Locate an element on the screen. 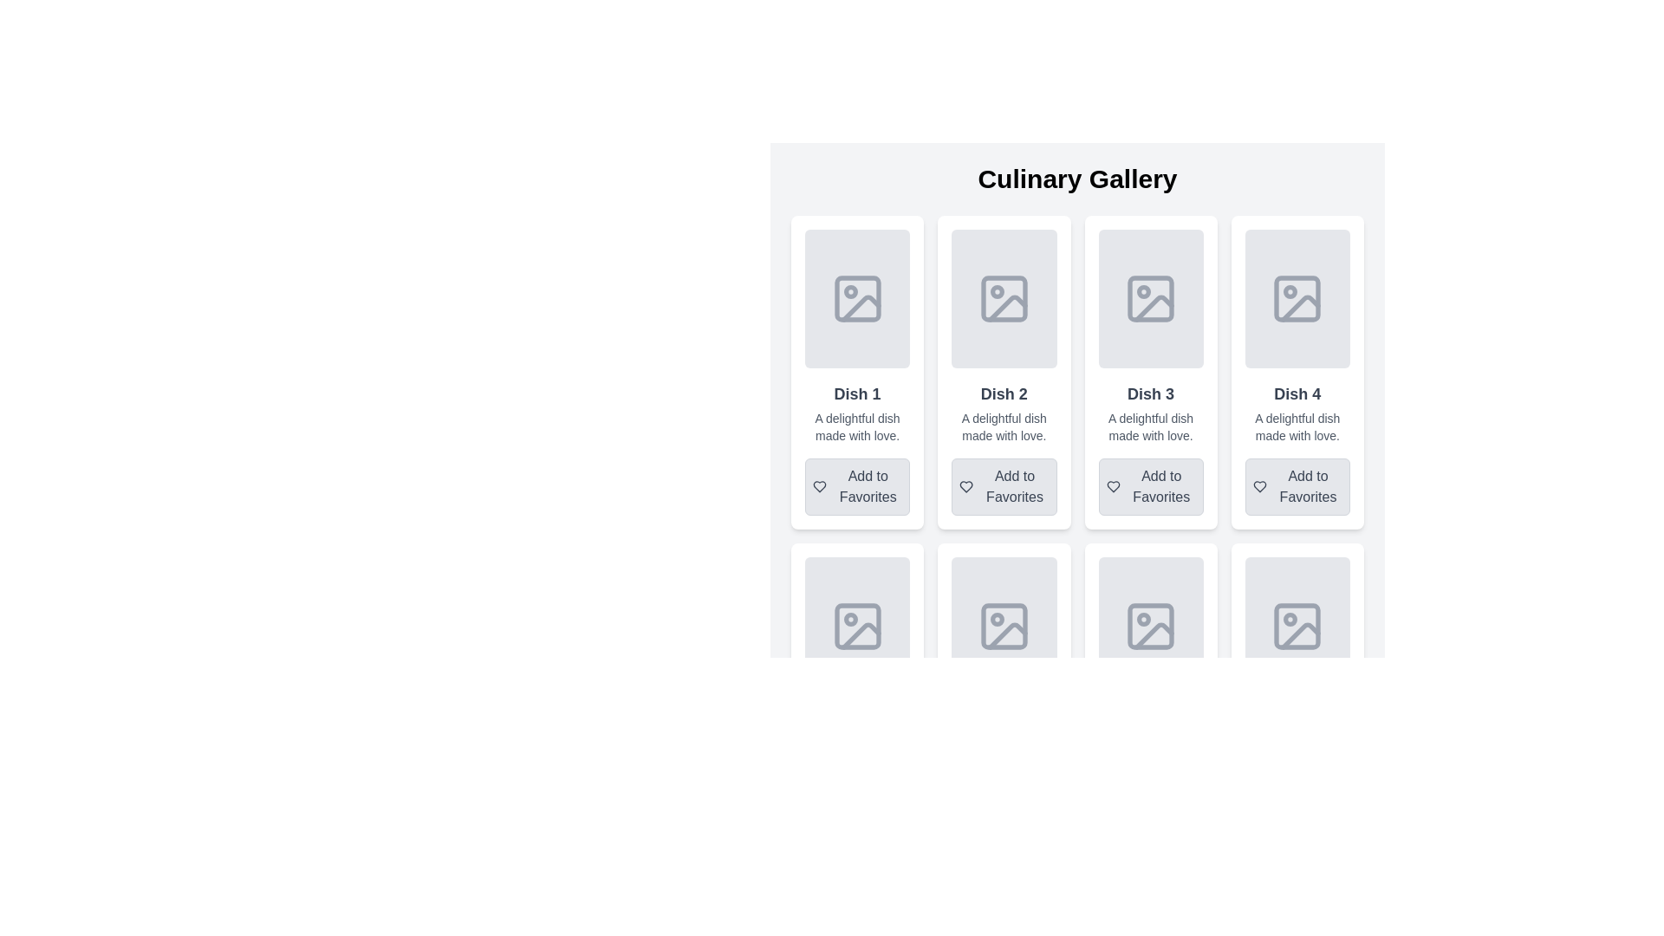  the graphical rectangle located in the upper left corner of the SVG icon within the third card from the left on the top row of the grid layout is located at coordinates (1151, 297).